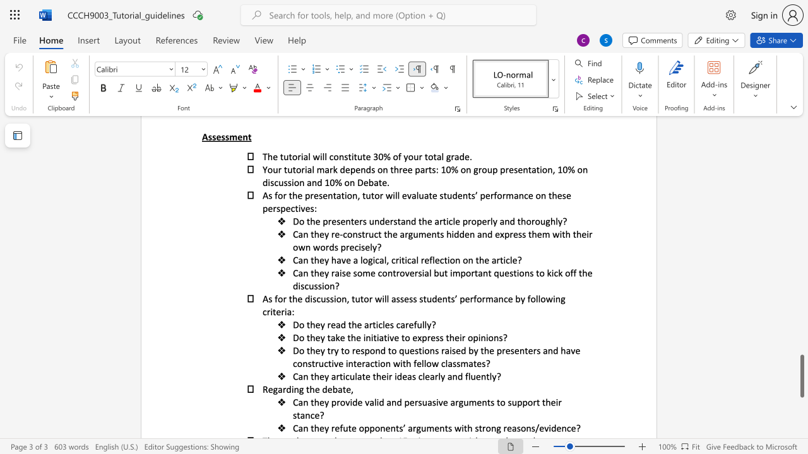 The height and width of the screenshot is (454, 808). What do you see at coordinates (801, 246) in the screenshot?
I see `the scrollbar to scroll the page up` at bounding box center [801, 246].